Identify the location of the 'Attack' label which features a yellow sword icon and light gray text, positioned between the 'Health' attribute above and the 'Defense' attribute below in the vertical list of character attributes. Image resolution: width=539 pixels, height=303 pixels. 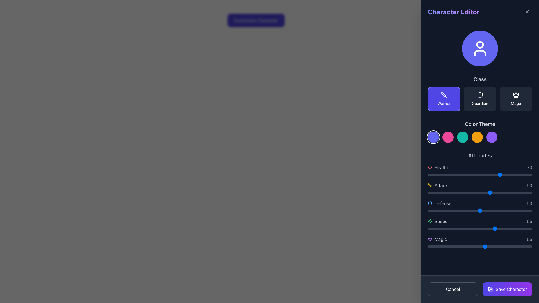
(437, 185).